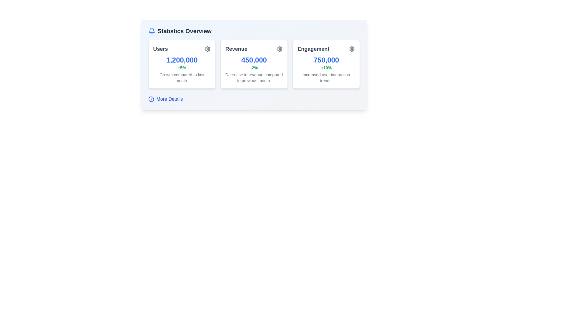  I want to click on the gear-shaped icon representing settings, located in the top-right corner of the 'Users' card in the Statistics Overview section, so click(207, 48).